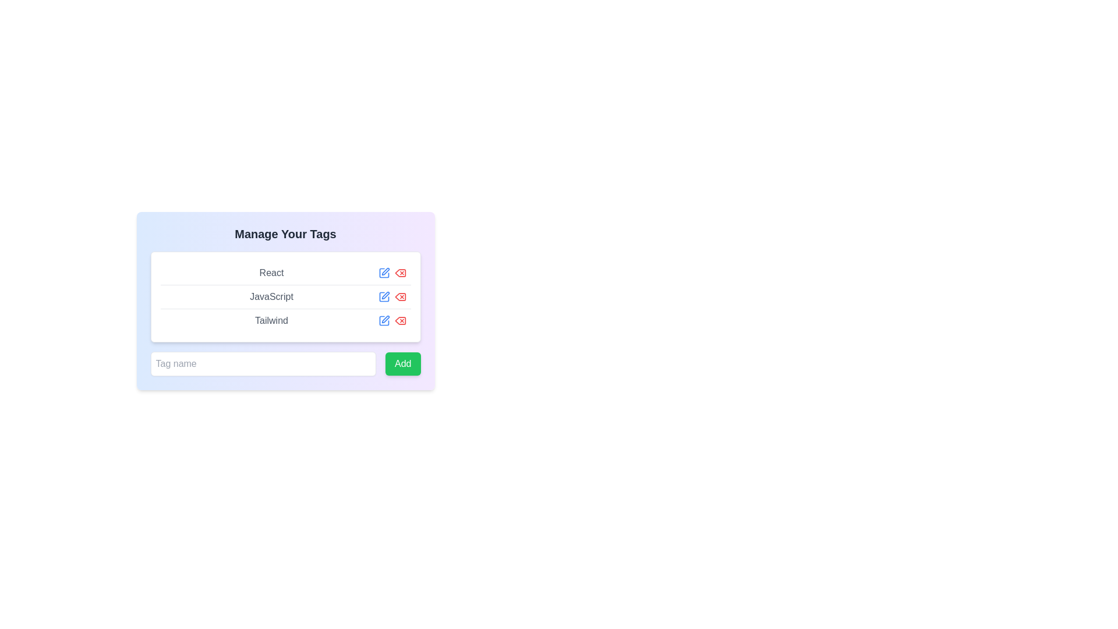 Image resolution: width=1118 pixels, height=629 pixels. What do you see at coordinates (285, 300) in the screenshot?
I see `the 'JavaScript' text label, which is the second item in a vertically stacked list, visually balanced between 'React' and 'Tailwind'` at bounding box center [285, 300].